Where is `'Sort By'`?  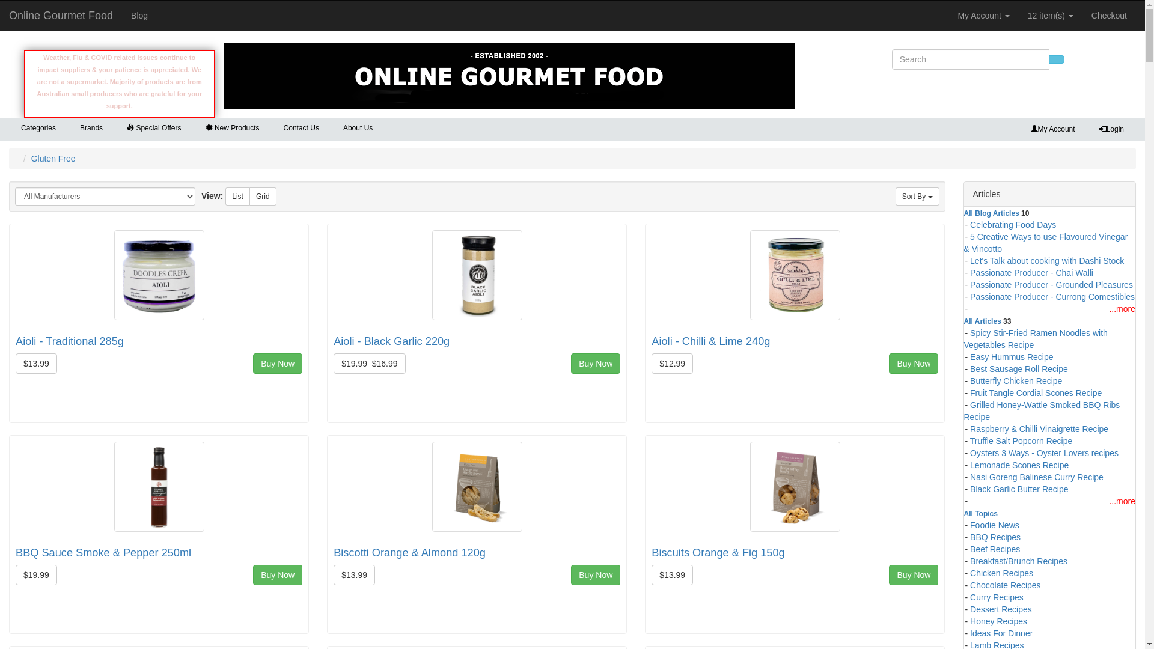 'Sort By' is located at coordinates (917, 196).